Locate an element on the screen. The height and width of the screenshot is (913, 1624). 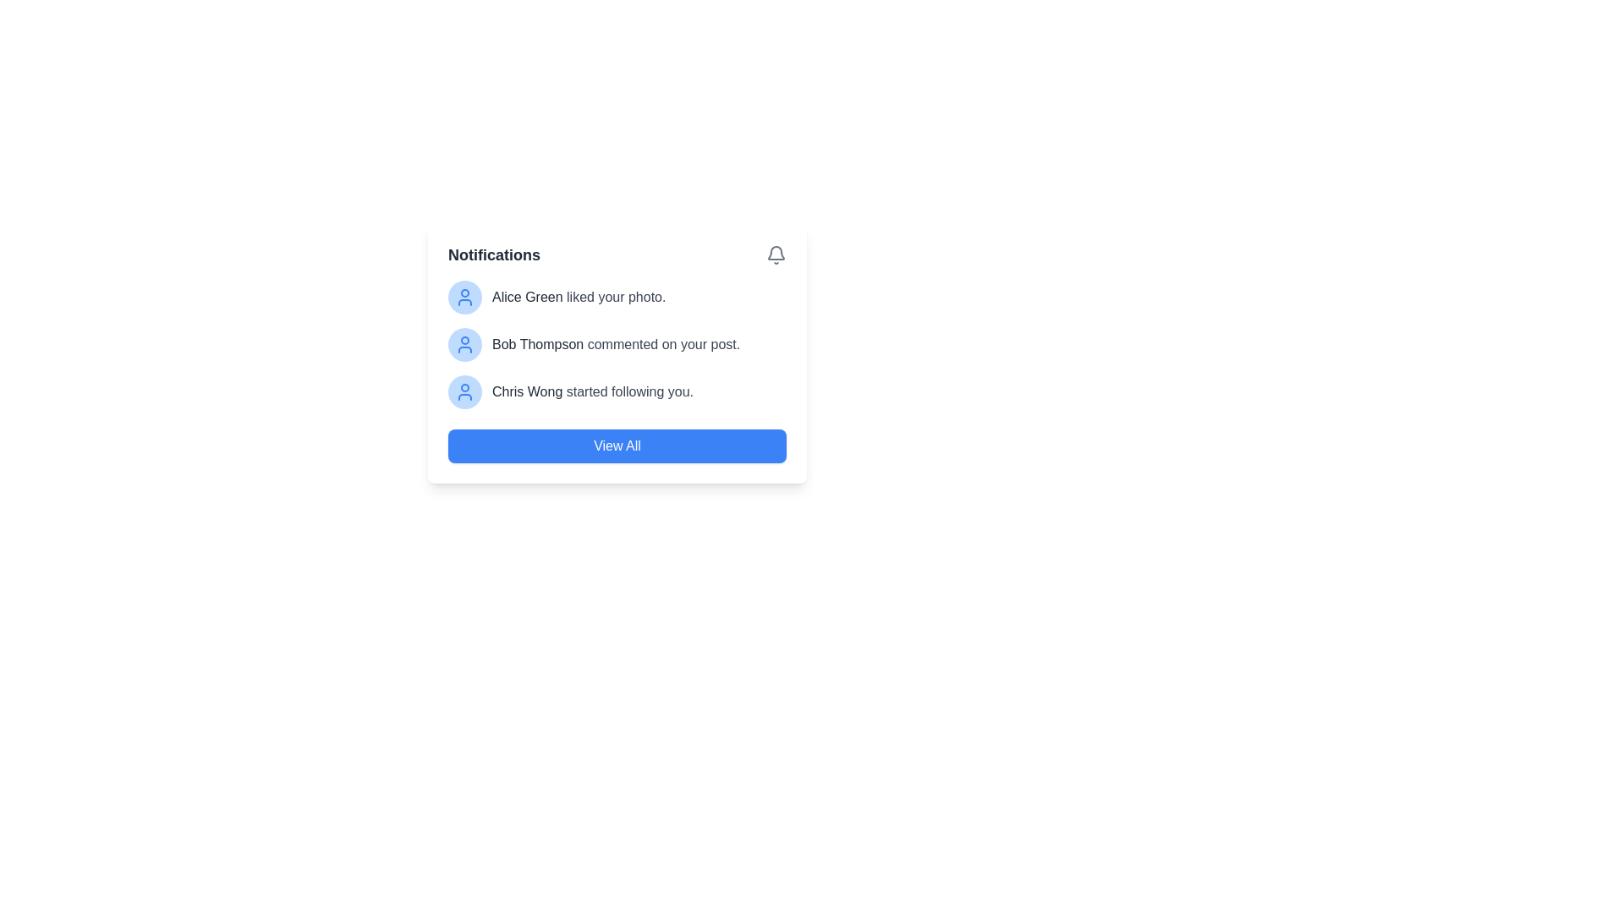
the icon representing the sender of the notification, which is the first item in the notification panel, located to the left of the text 'Alice Green liked your photo.' is located at coordinates (465, 296).